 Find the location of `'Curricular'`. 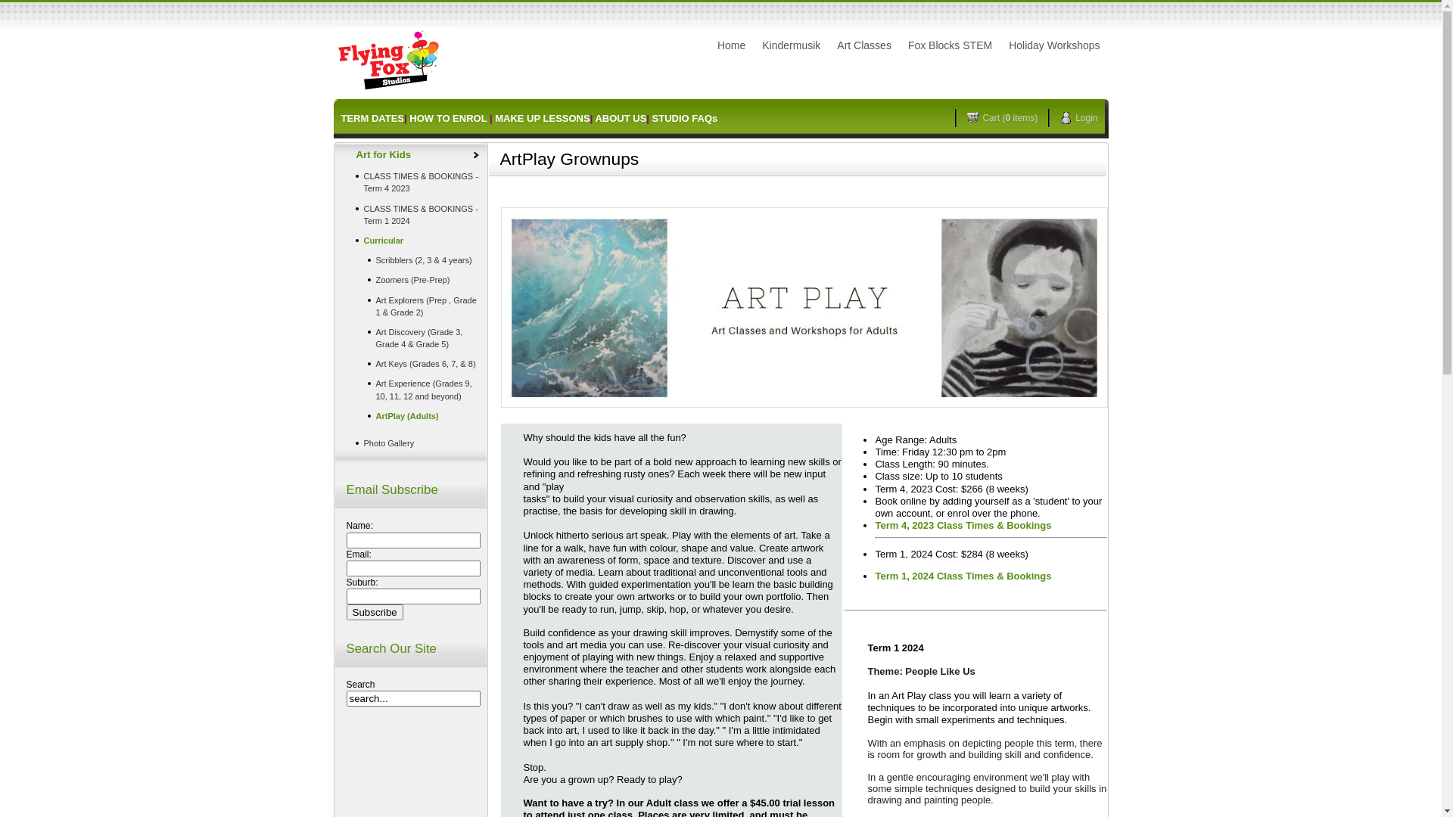

'Curricular' is located at coordinates (410, 239).